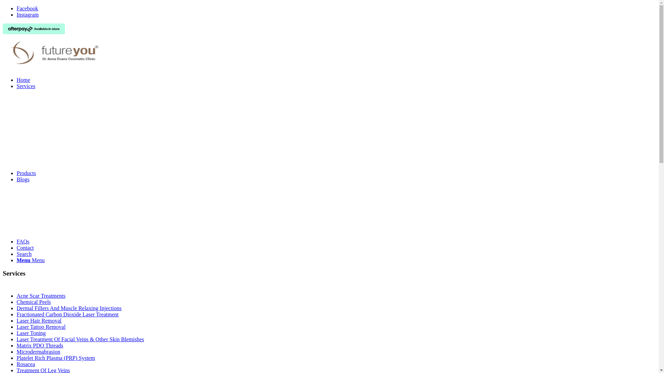 This screenshot has width=664, height=373. I want to click on 'Matrix PDO Threads', so click(39, 345).